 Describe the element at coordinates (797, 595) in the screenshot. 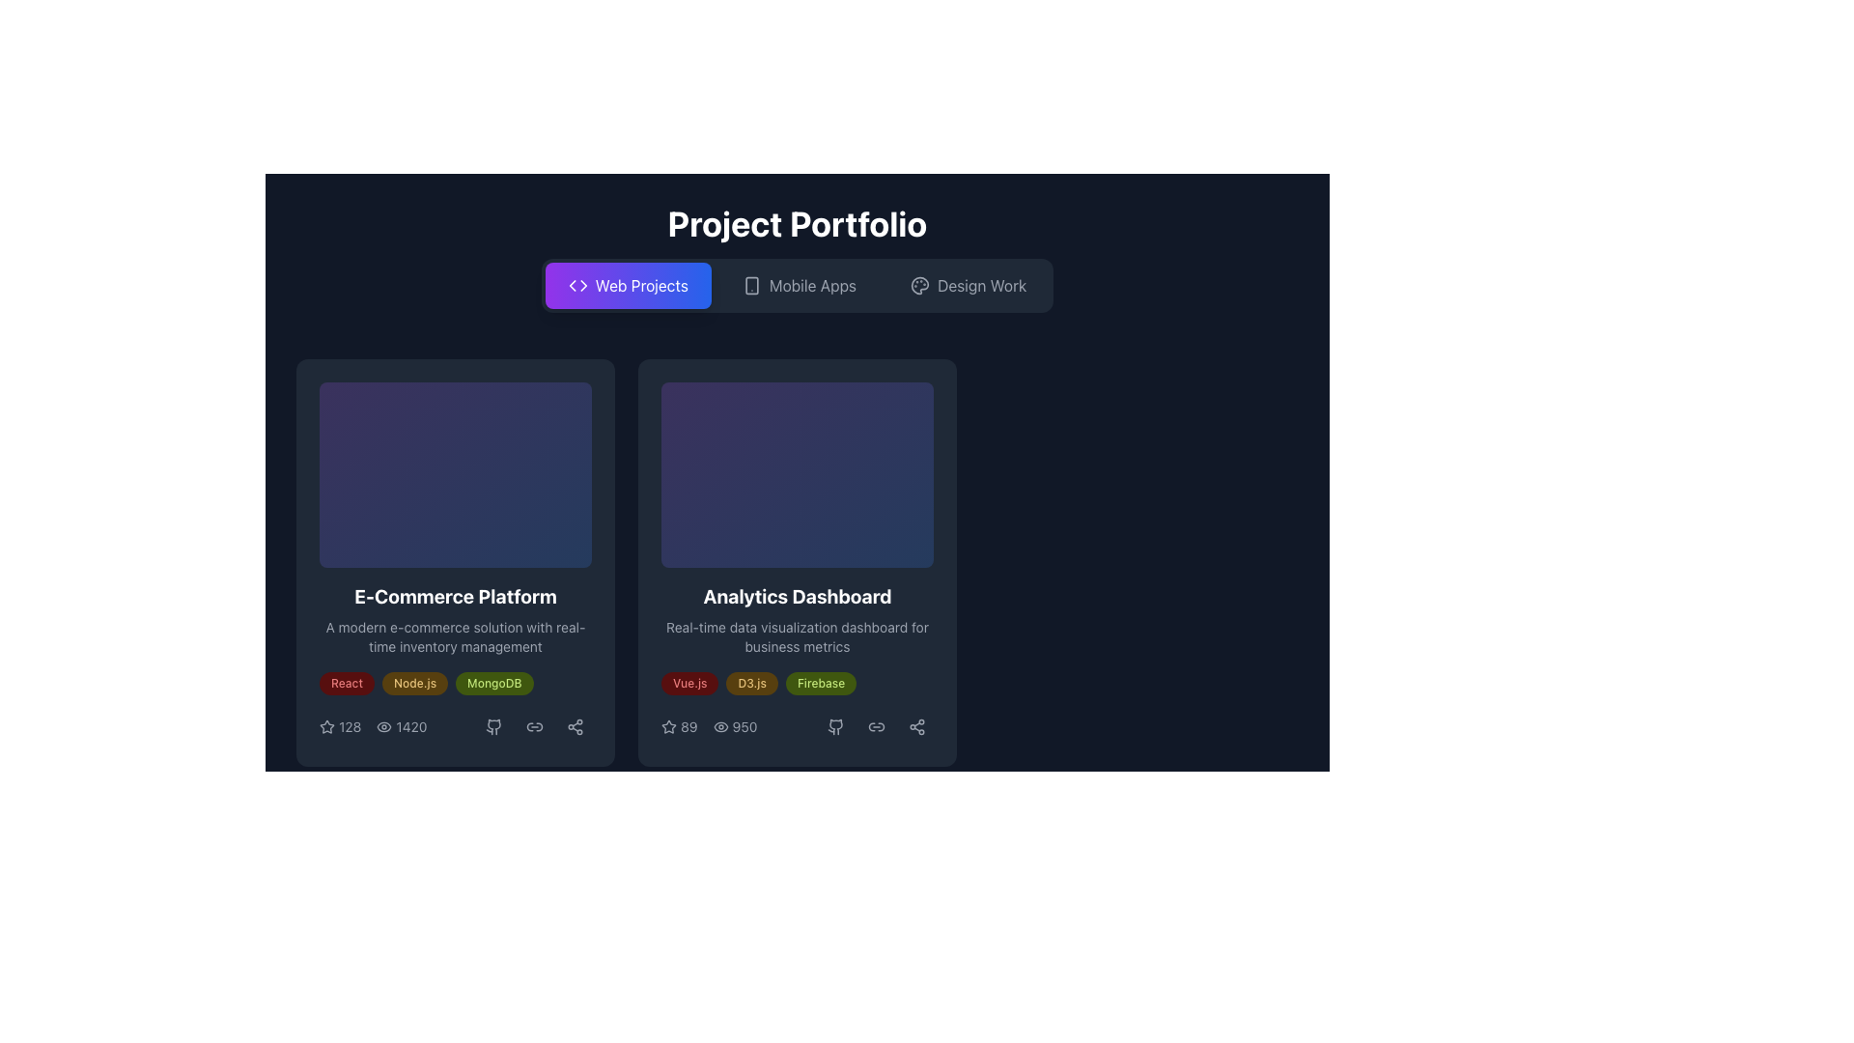

I see `the static text label reading 'Analytics Dashboard' which is prominently displayed in bold white font at the center-bottom of the second card in the 'Web Projects' tab` at that location.